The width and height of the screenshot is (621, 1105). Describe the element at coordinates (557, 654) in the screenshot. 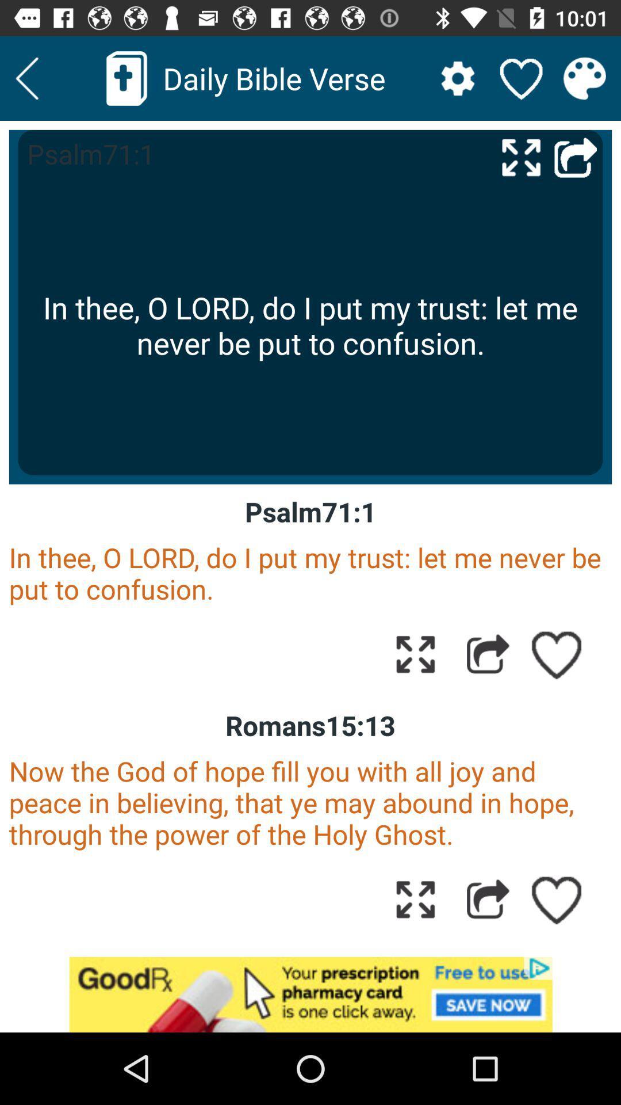

I see `to favorite` at that location.